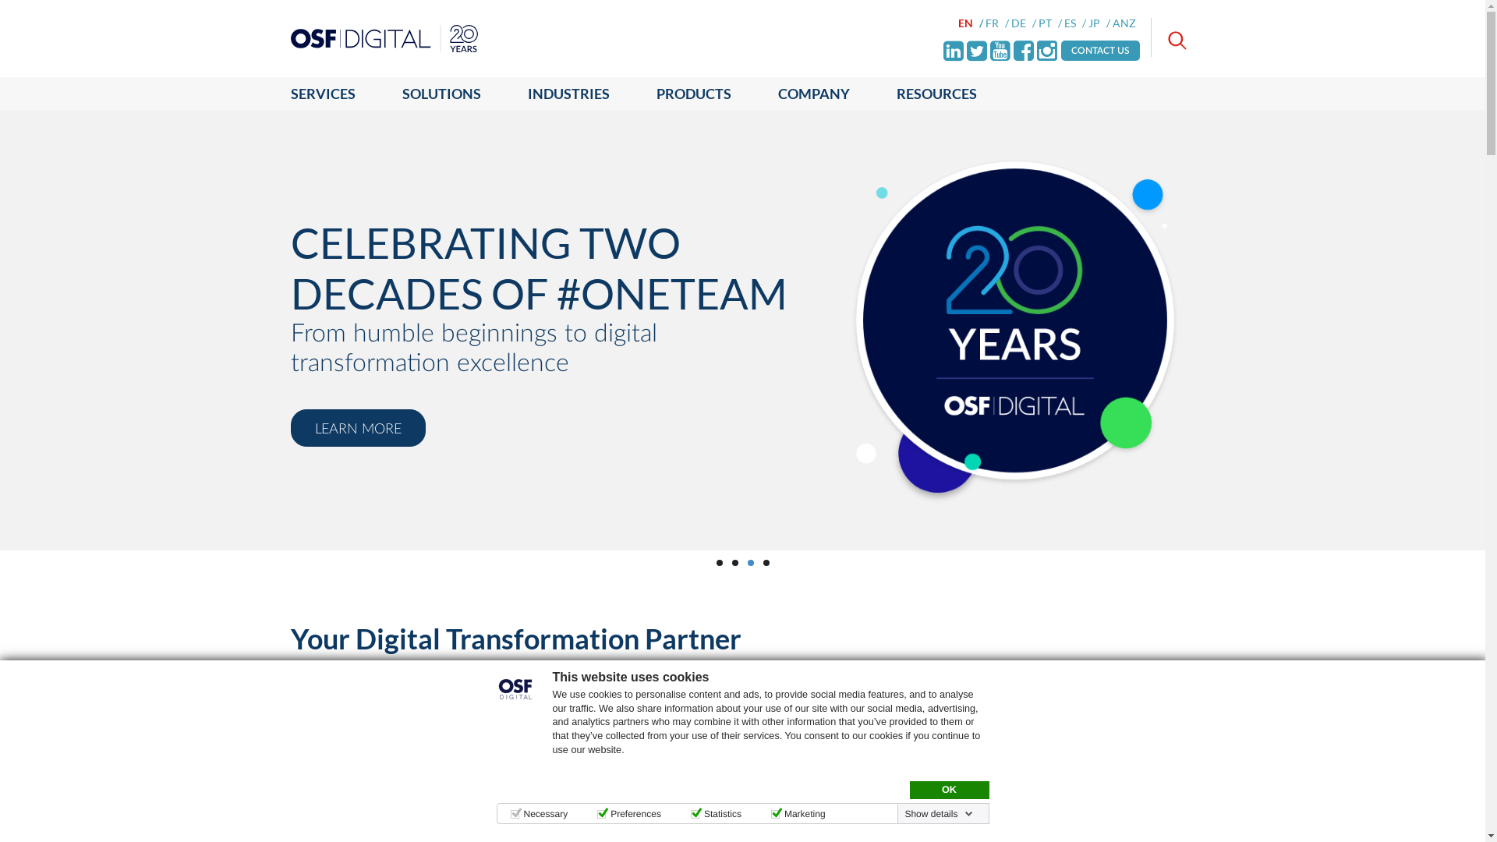 Image resolution: width=1497 pixels, height=842 pixels. I want to click on 'Facebook', so click(1024, 50).